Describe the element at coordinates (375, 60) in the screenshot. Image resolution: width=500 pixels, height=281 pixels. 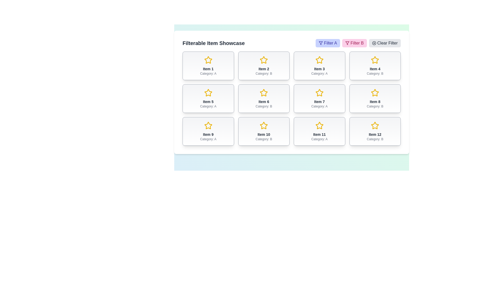
I see `on the star icon (SVG vector graphic) located at the top of the 'Item 4' card in the 'Category: B' section` at that location.